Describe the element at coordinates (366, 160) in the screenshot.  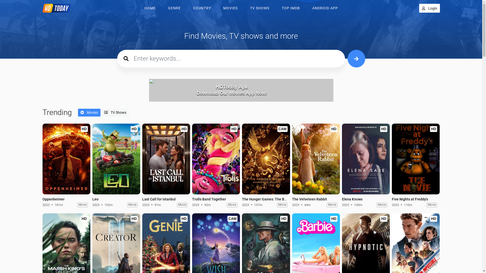
I see `'Elena Knows'` at that location.